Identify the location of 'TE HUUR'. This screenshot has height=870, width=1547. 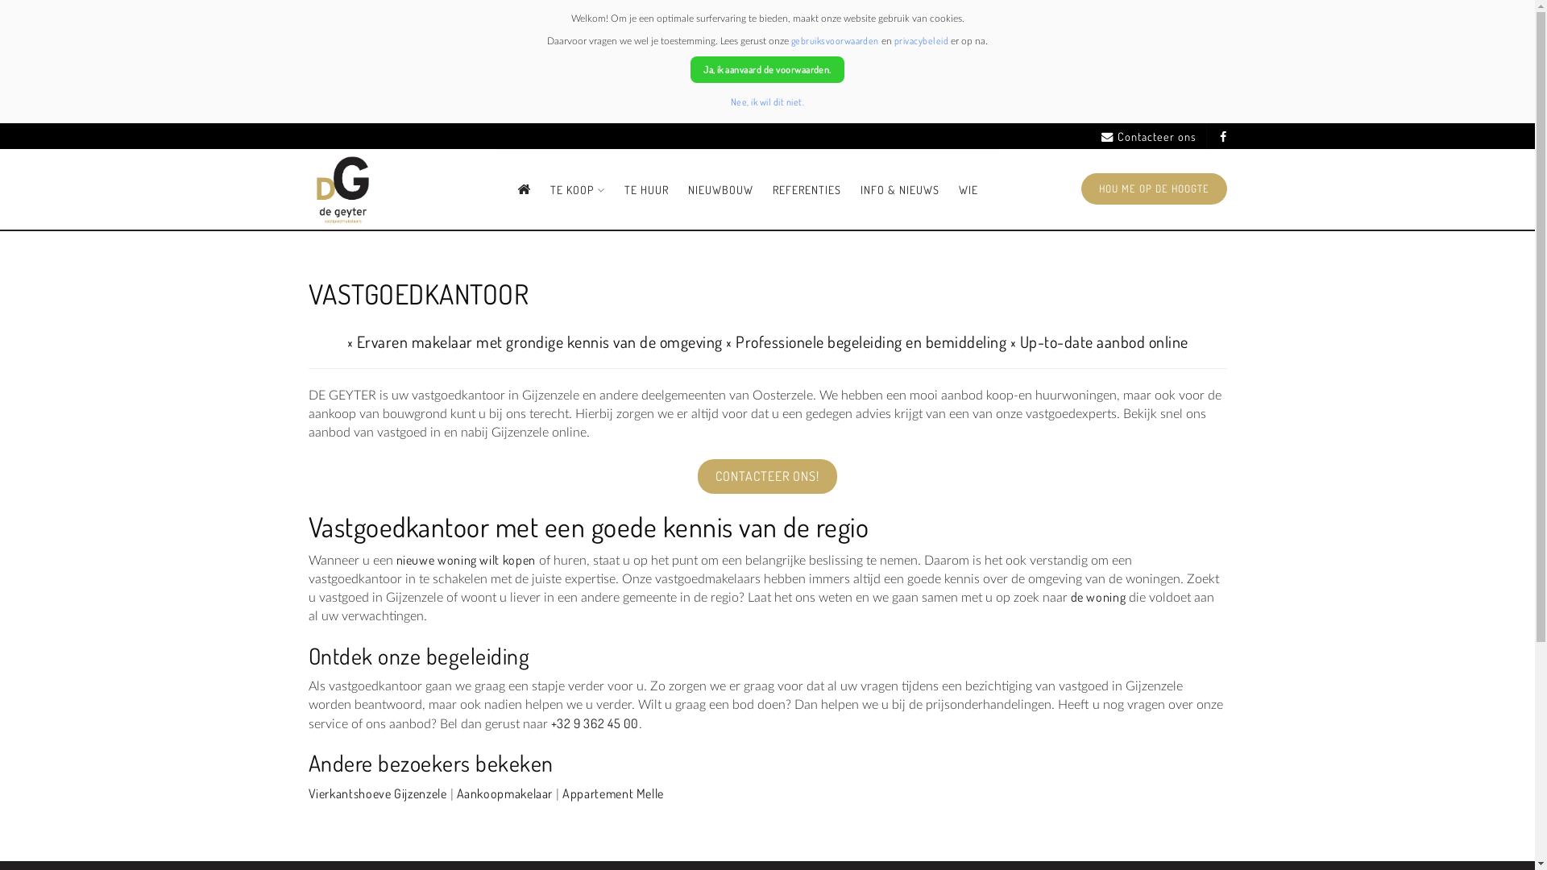
(646, 188).